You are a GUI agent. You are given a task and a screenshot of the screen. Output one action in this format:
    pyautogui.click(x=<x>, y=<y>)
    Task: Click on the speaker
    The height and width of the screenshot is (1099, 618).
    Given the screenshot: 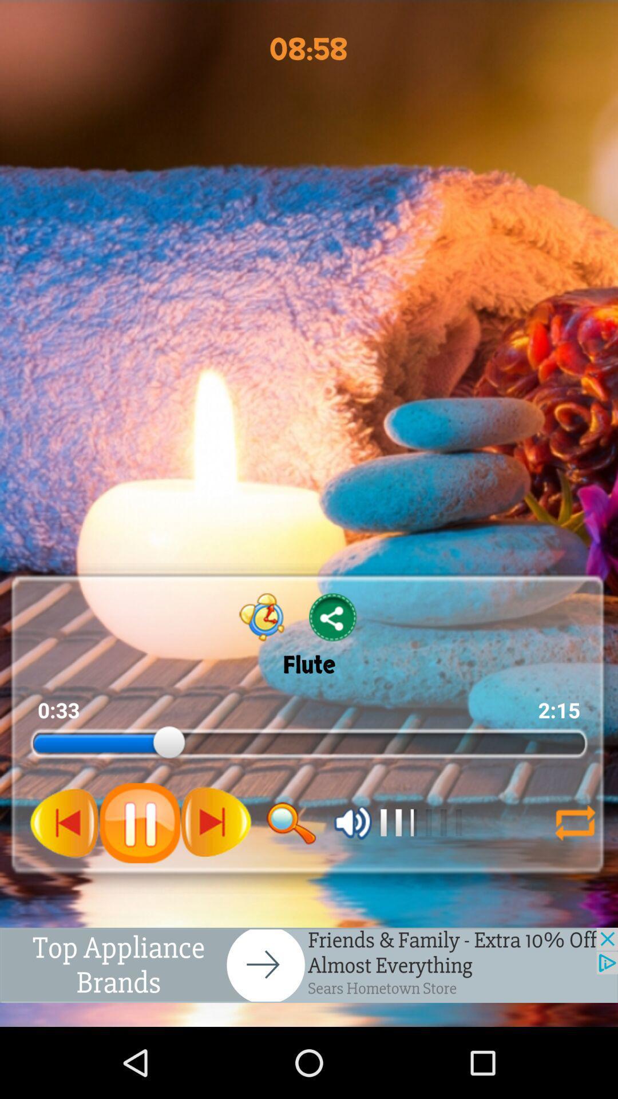 What is the action you would take?
    pyautogui.click(x=352, y=822)
    